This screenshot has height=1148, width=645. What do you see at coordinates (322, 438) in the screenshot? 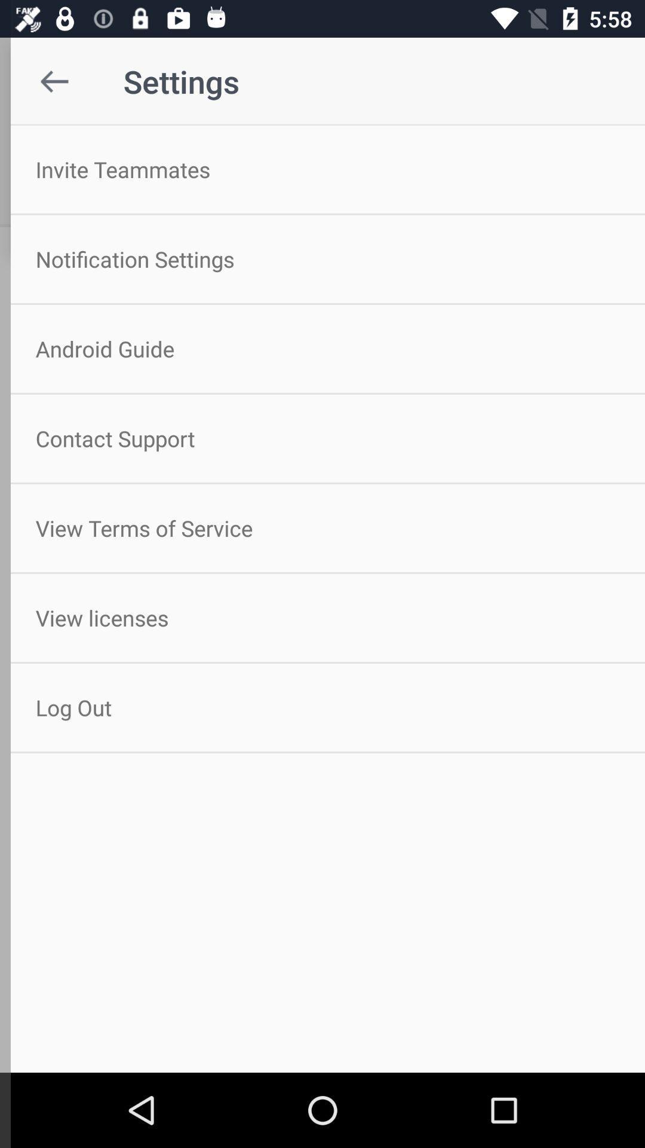
I see `the icon above view terms of item` at bounding box center [322, 438].